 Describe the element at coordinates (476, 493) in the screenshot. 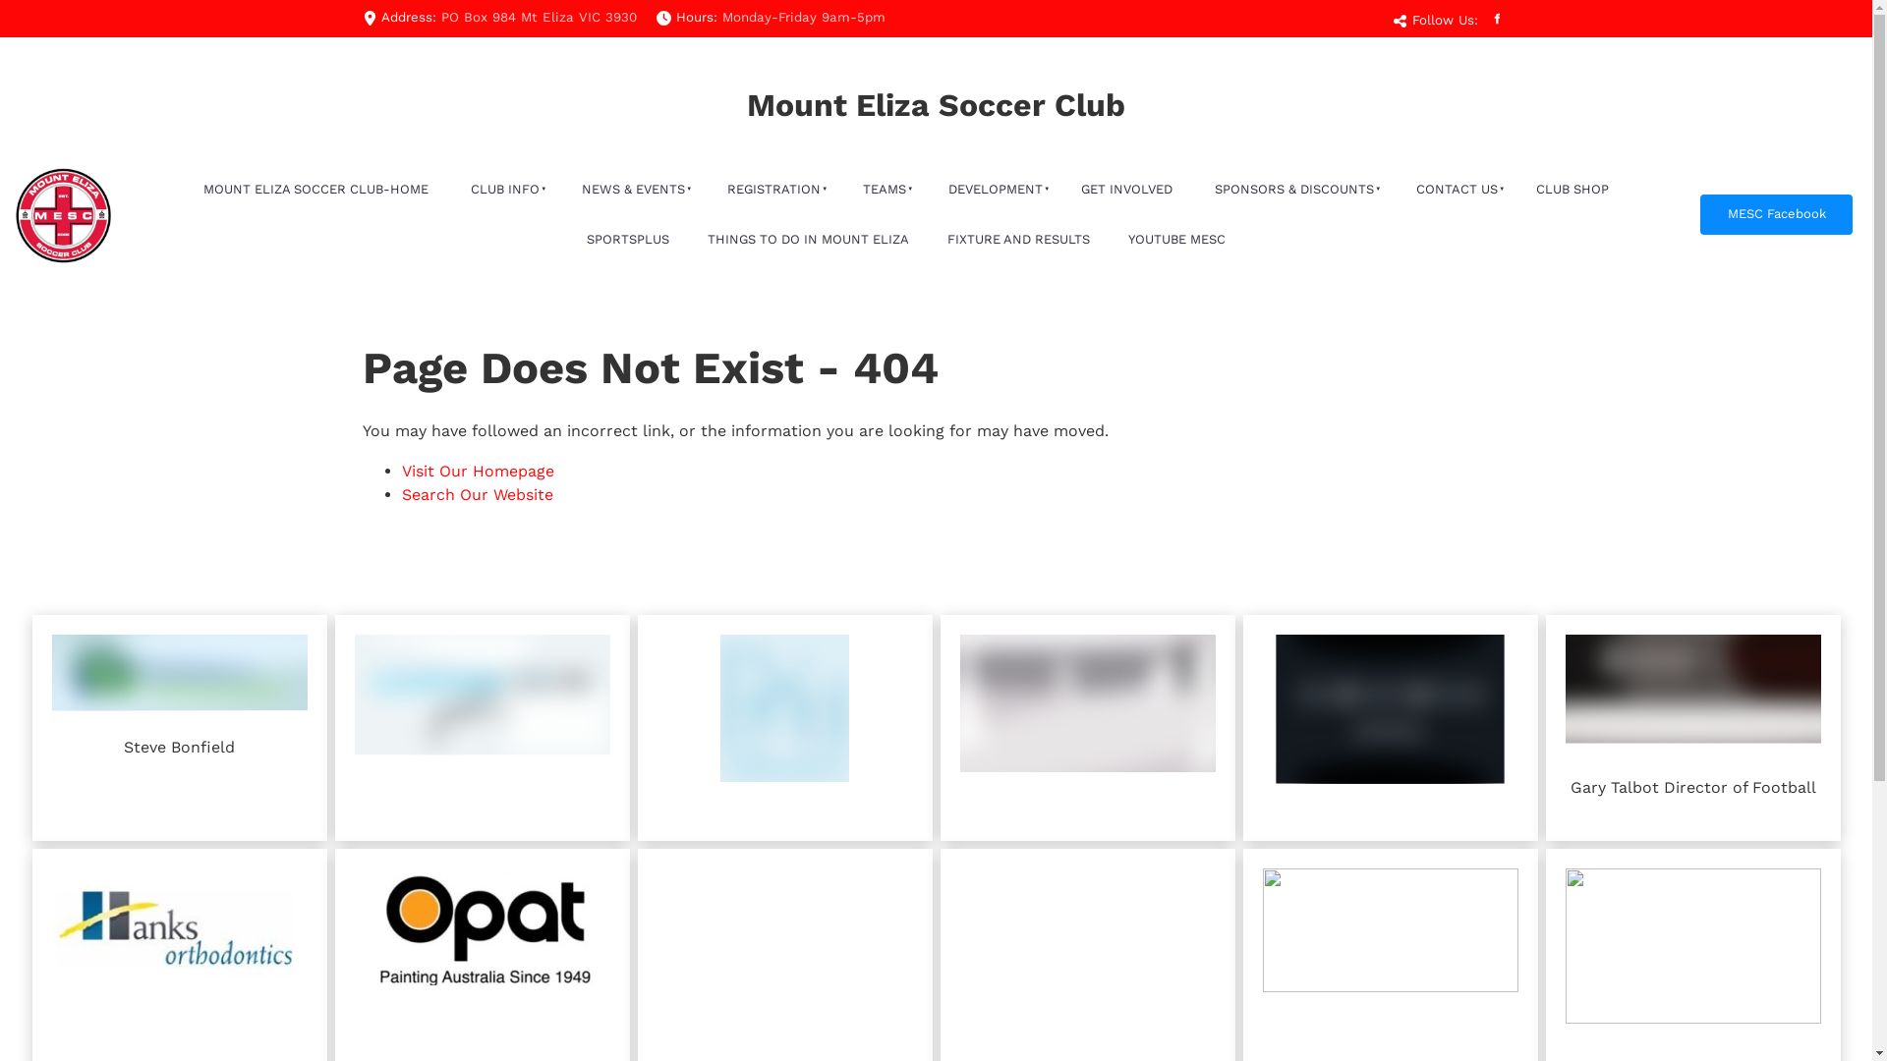

I see `'Search Our Website'` at that location.